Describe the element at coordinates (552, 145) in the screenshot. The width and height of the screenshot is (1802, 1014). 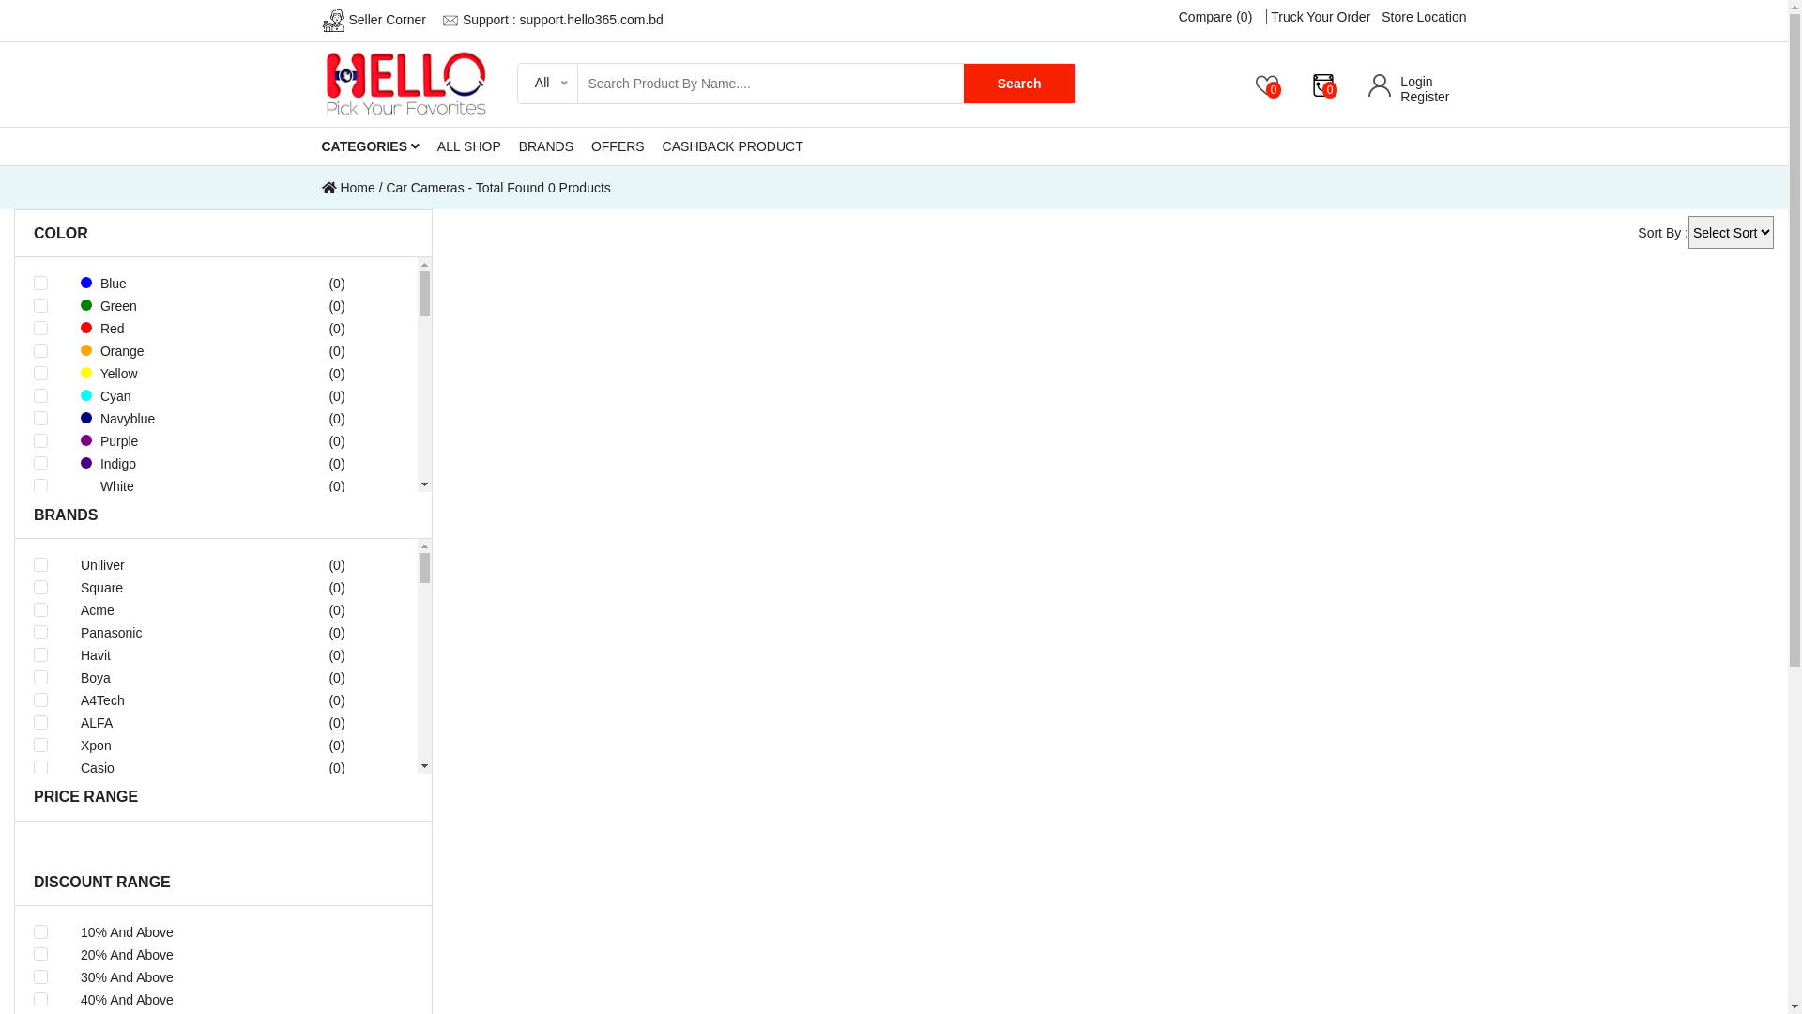
I see `'BRANDS'` at that location.